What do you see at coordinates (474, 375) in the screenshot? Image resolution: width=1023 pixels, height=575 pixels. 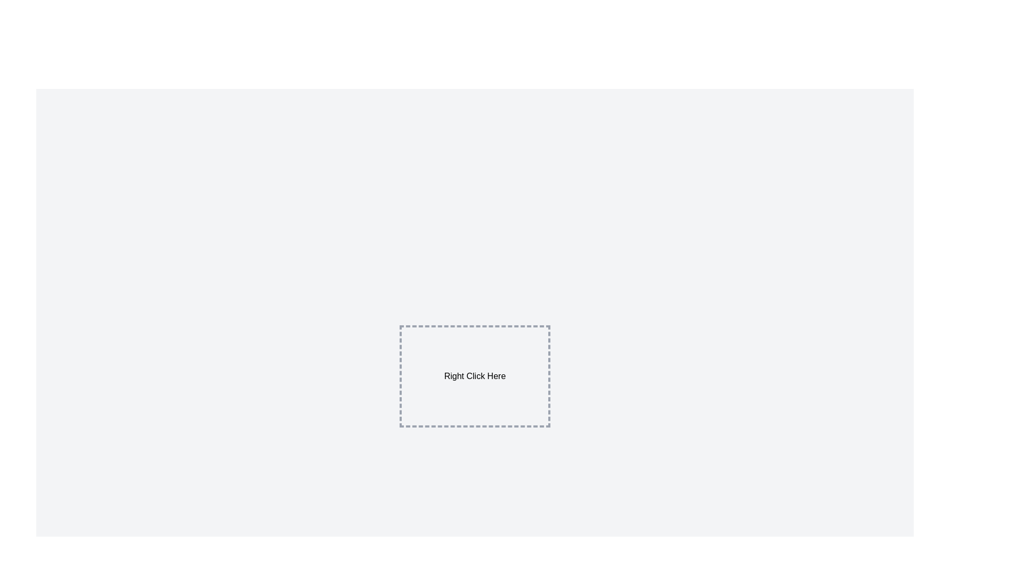 I see `the dashed border area to open the context menu` at bounding box center [474, 375].